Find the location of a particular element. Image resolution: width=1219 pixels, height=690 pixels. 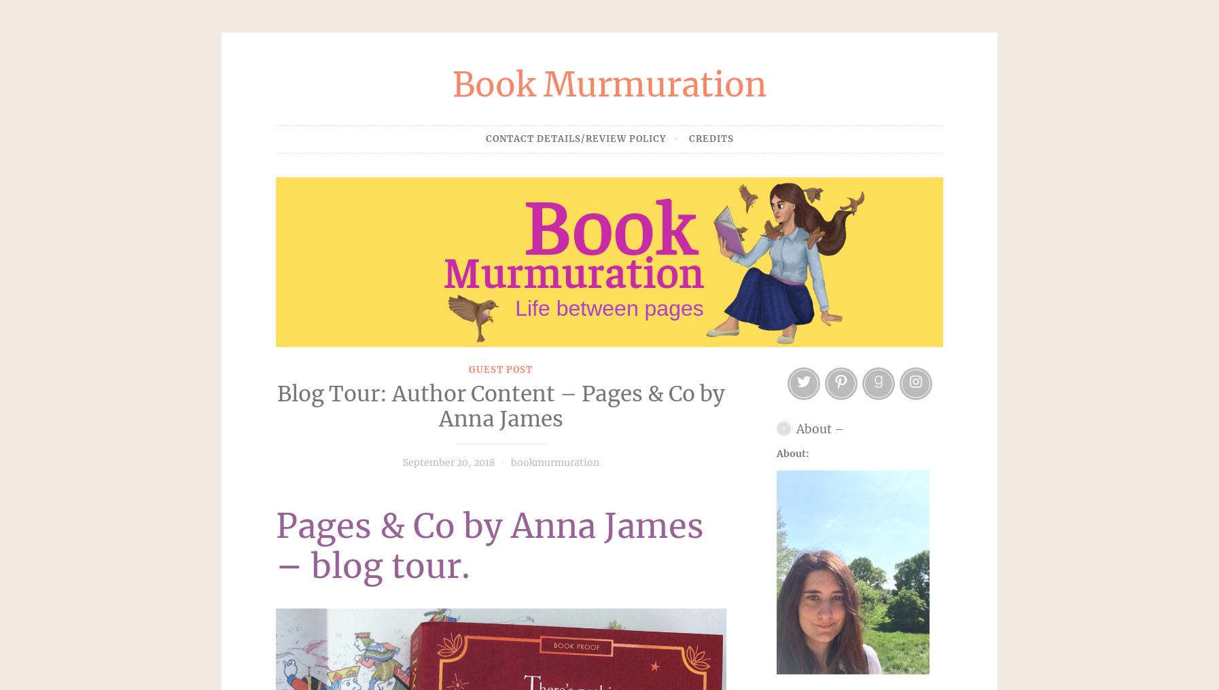

'Book Murmuration' is located at coordinates (609, 84).